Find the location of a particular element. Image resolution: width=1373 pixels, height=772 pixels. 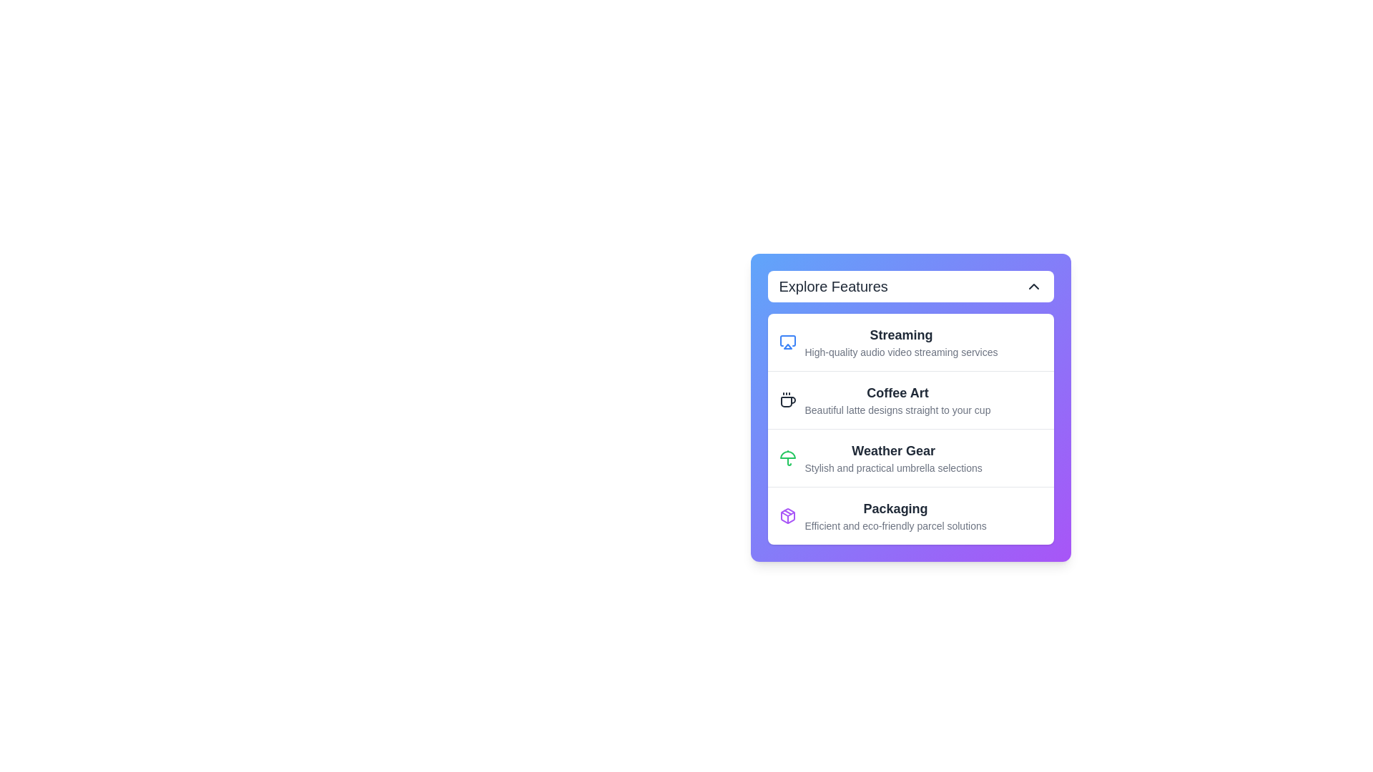

the 'Explore Features' dropdown menu section that contains the 'Coffee Art' icon is located at coordinates (787, 400).